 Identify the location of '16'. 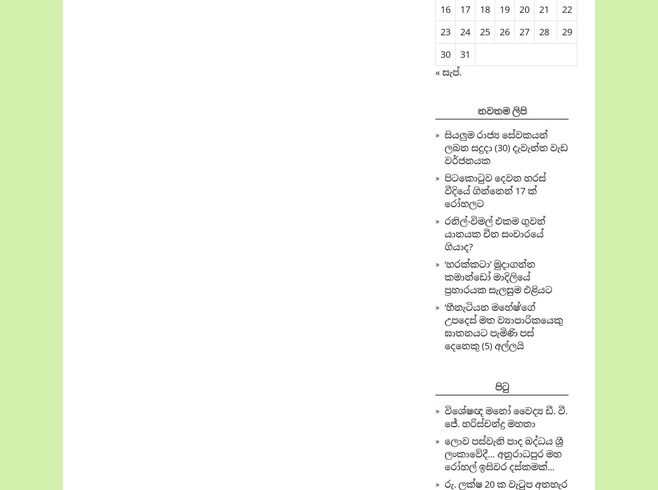
(445, 9).